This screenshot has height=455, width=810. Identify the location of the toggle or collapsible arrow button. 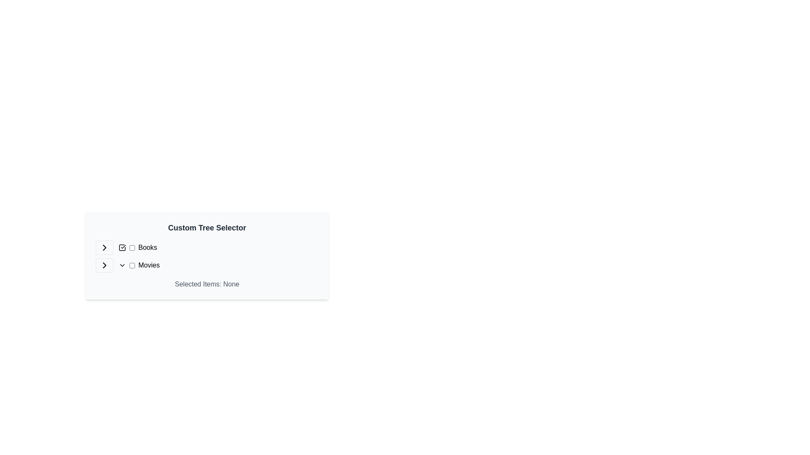
(104, 265).